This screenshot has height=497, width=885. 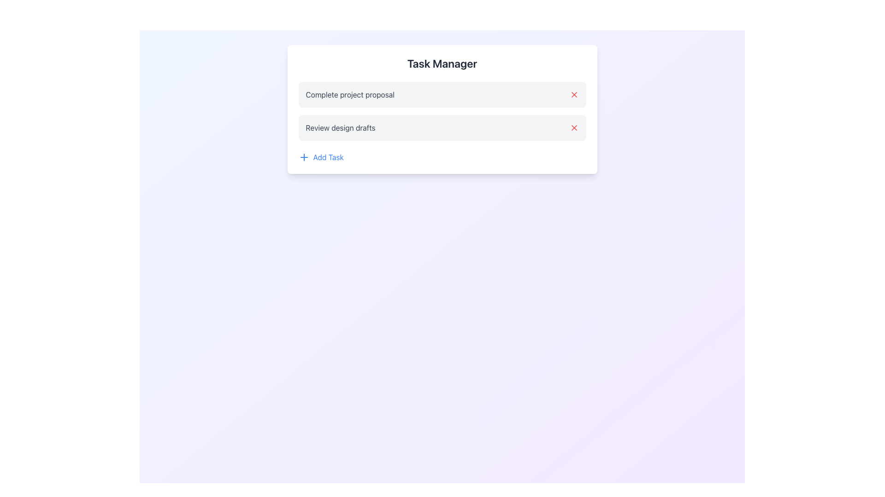 What do you see at coordinates (340, 127) in the screenshot?
I see `the static text label displaying 'Review design drafts' in dark gray within the task management interface` at bounding box center [340, 127].